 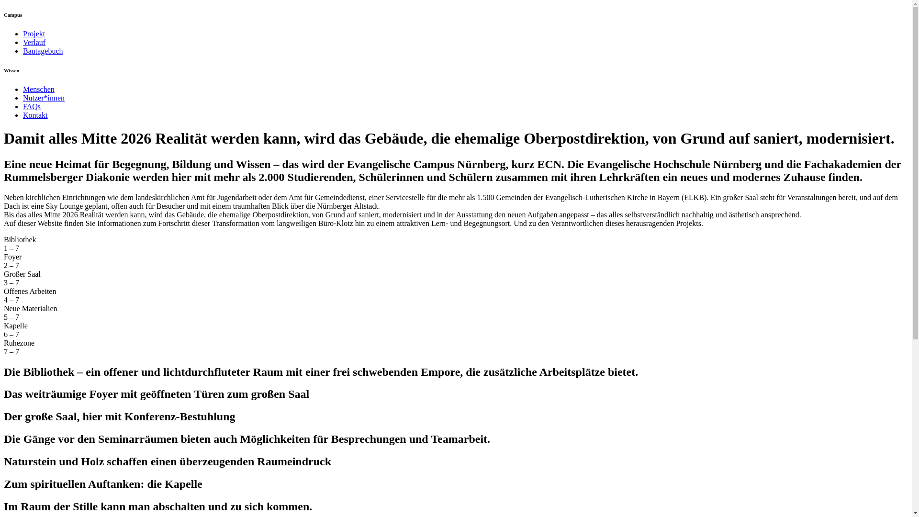 I want to click on 'Nutzer*innen', so click(x=43, y=98).